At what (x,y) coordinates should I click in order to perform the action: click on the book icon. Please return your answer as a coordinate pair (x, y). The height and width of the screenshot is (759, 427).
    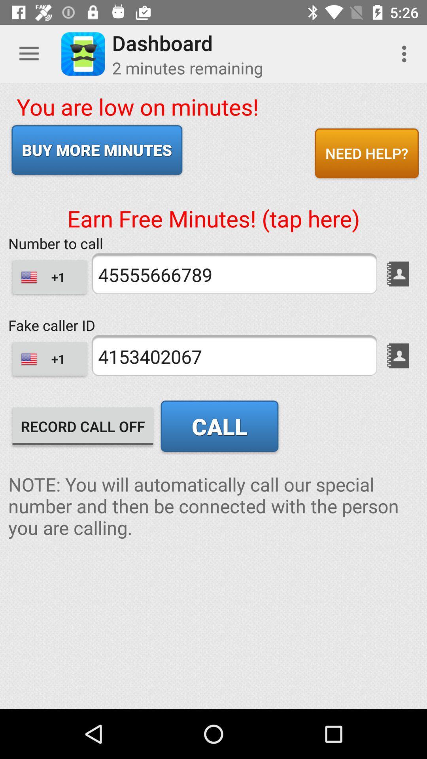
    Looking at the image, I should click on (398, 274).